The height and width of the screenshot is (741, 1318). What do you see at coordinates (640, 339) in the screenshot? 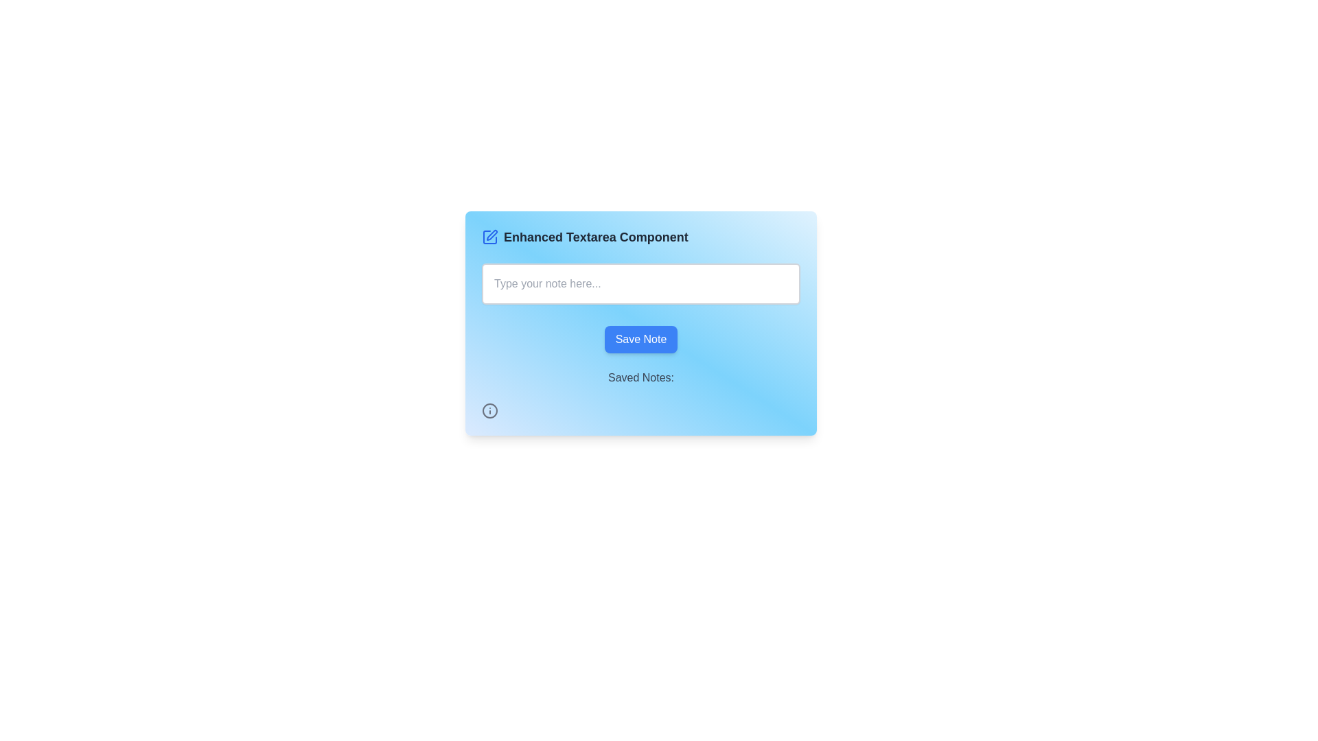
I see `the save button located at the bottom-center of the card-like section with a gradient blue background` at bounding box center [640, 339].